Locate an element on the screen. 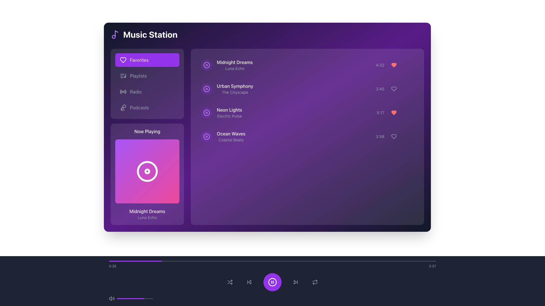 The image size is (545, 306). the progress is located at coordinates (134, 298).